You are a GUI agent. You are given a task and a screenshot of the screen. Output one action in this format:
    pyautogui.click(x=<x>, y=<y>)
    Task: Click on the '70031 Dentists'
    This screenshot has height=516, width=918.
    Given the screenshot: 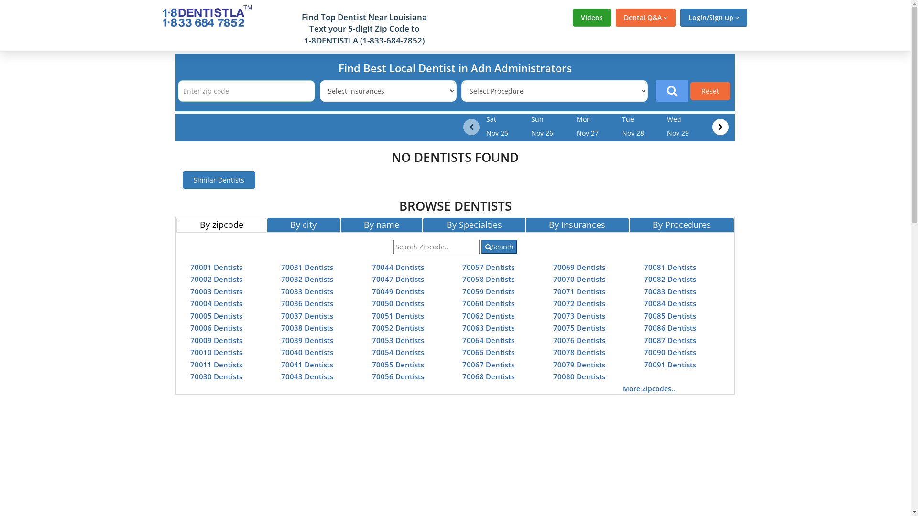 What is the action you would take?
    pyautogui.click(x=307, y=267)
    